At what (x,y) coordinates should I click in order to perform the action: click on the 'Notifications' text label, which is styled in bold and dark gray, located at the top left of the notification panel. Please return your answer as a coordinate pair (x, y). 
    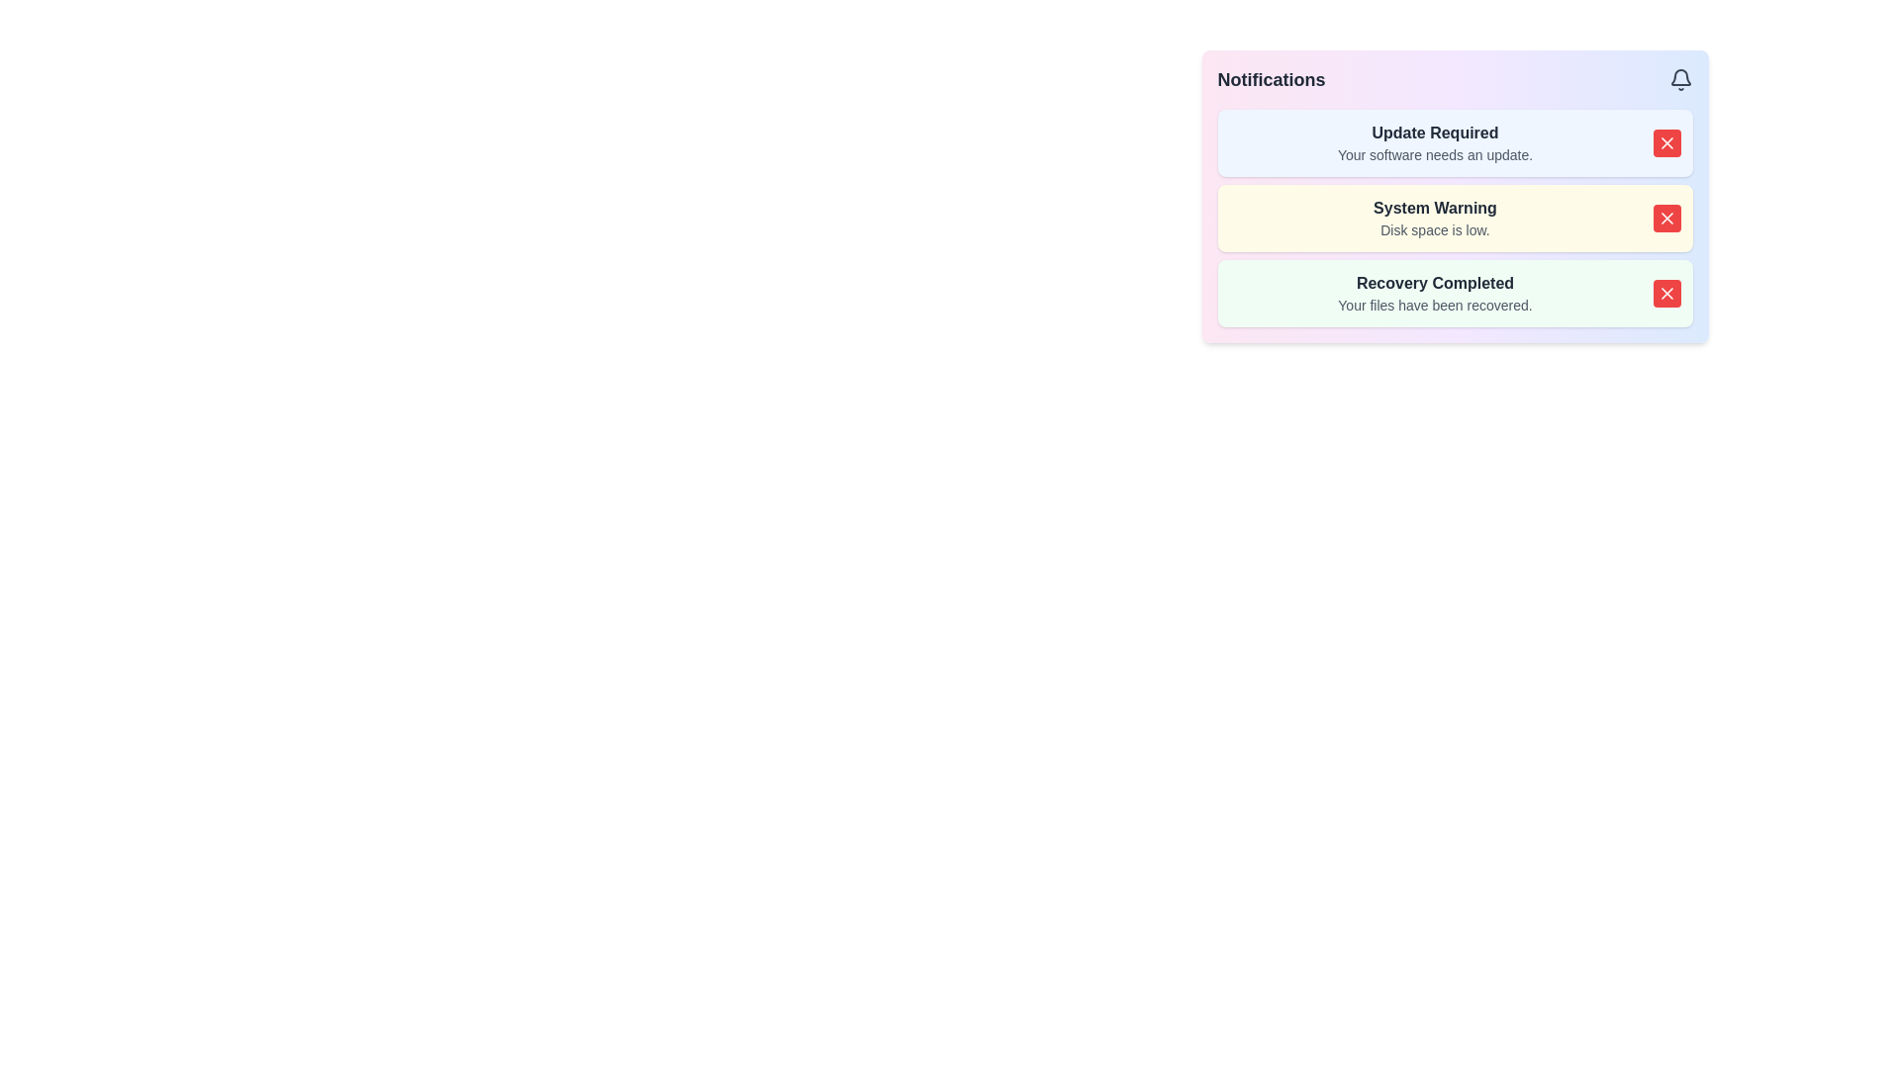
    Looking at the image, I should click on (1272, 79).